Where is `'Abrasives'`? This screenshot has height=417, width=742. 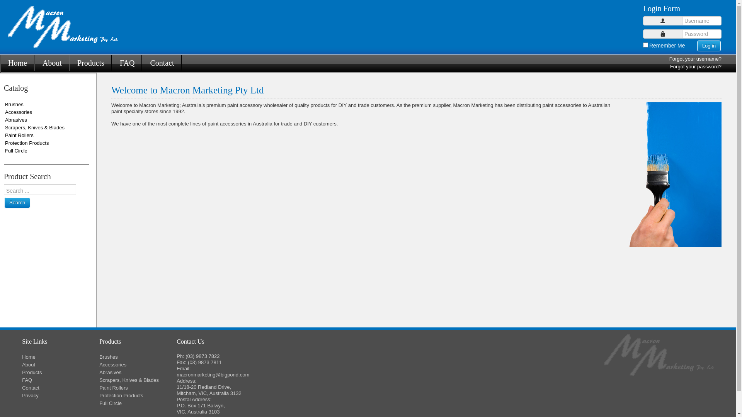
'Abrasives' is located at coordinates (99, 372).